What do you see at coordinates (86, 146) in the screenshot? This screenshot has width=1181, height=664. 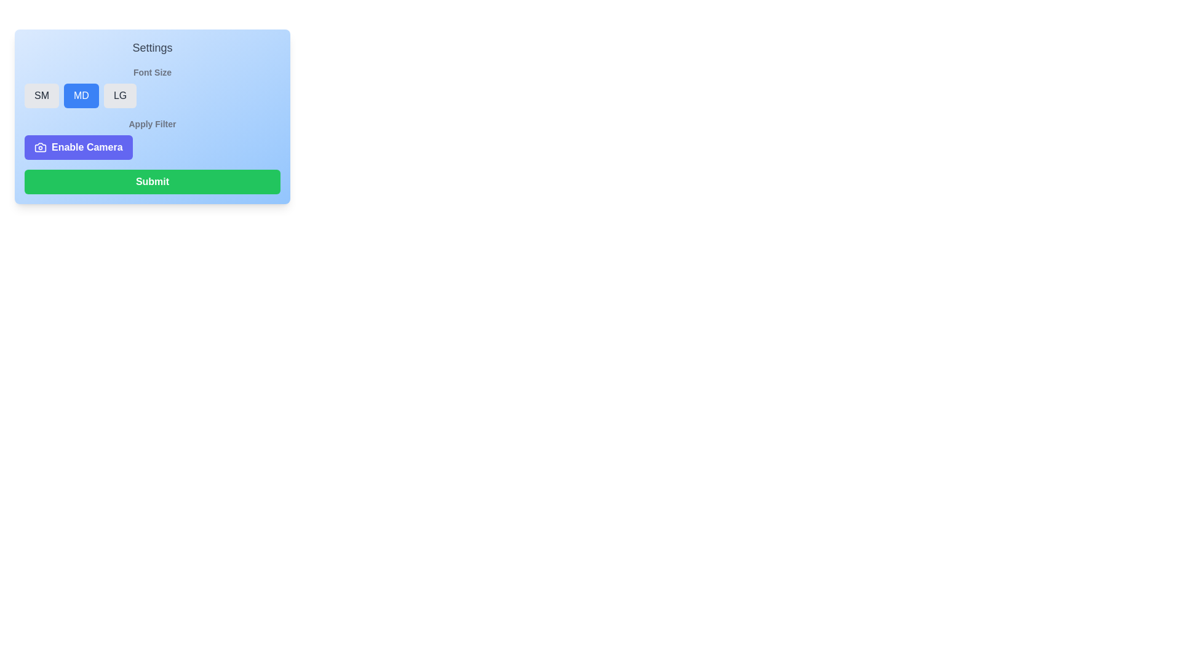 I see `the 'Enable Camera' text label, which is displayed in white bold font on a purple button background` at bounding box center [86, 146].